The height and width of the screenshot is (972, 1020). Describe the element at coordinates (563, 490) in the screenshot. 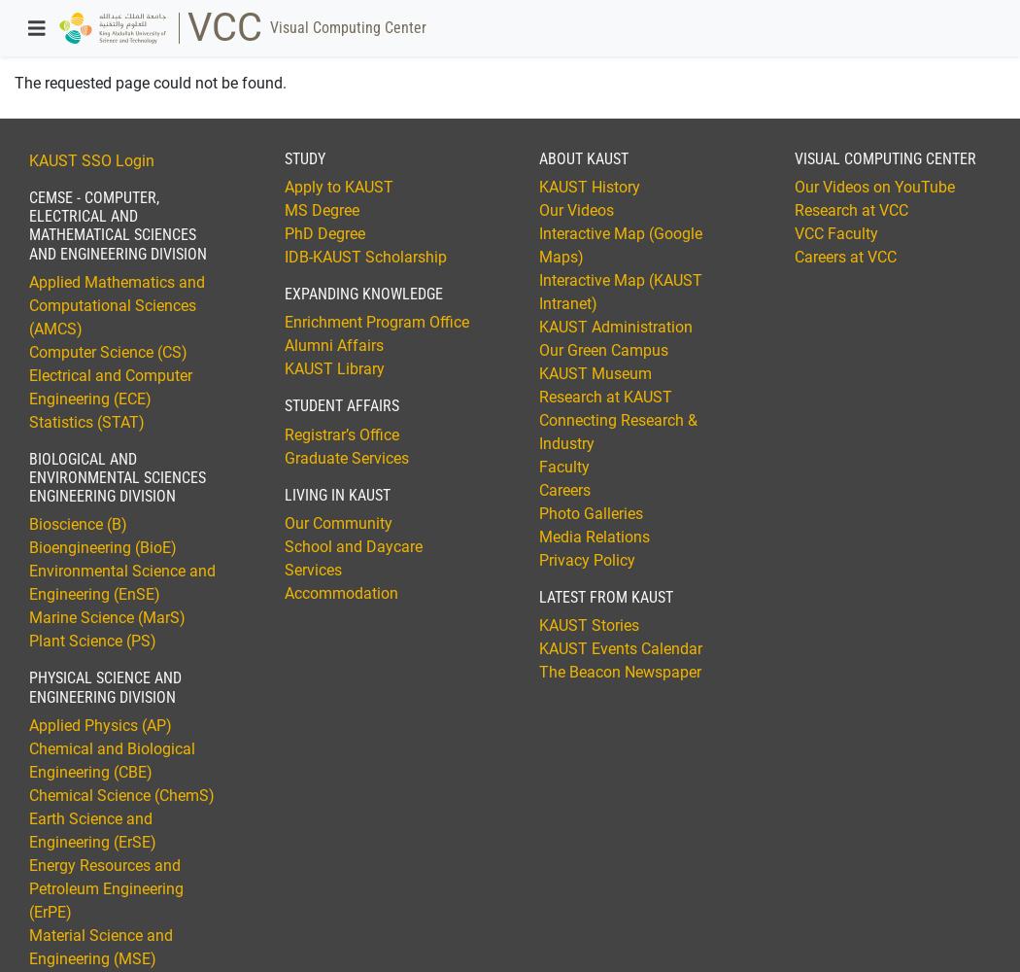

I see `'Careers'` at that location.